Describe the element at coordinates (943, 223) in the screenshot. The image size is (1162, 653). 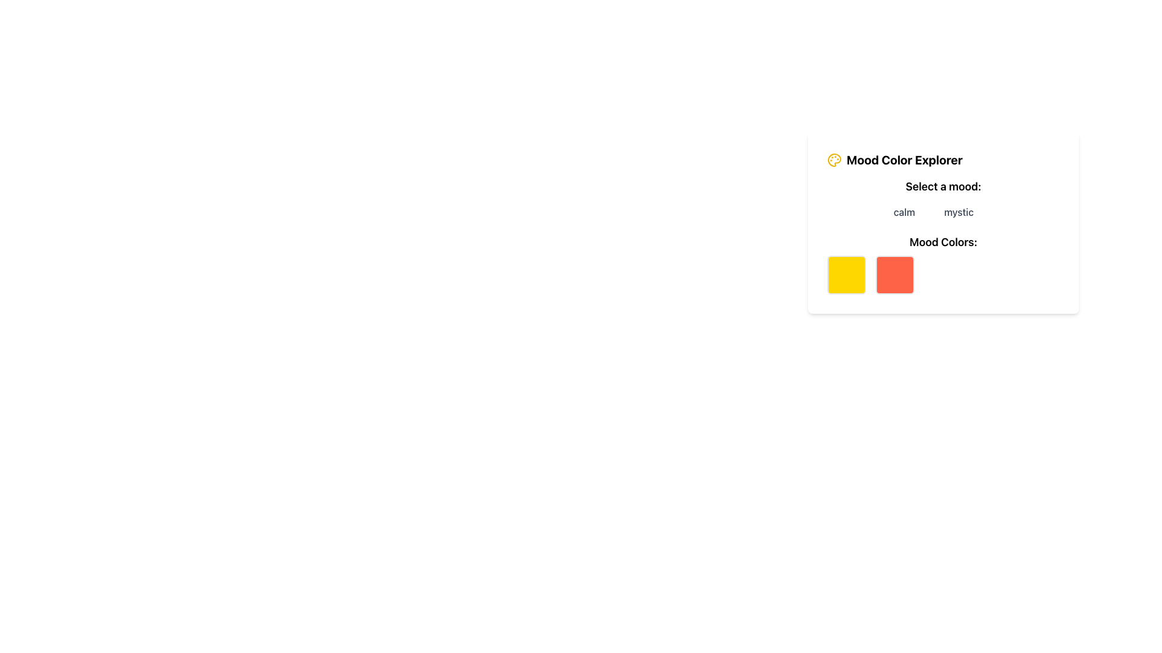
I see `color changes or responses in the 'Mood Color Explorer' interface section, which includes mood options and color boxes` at that location.